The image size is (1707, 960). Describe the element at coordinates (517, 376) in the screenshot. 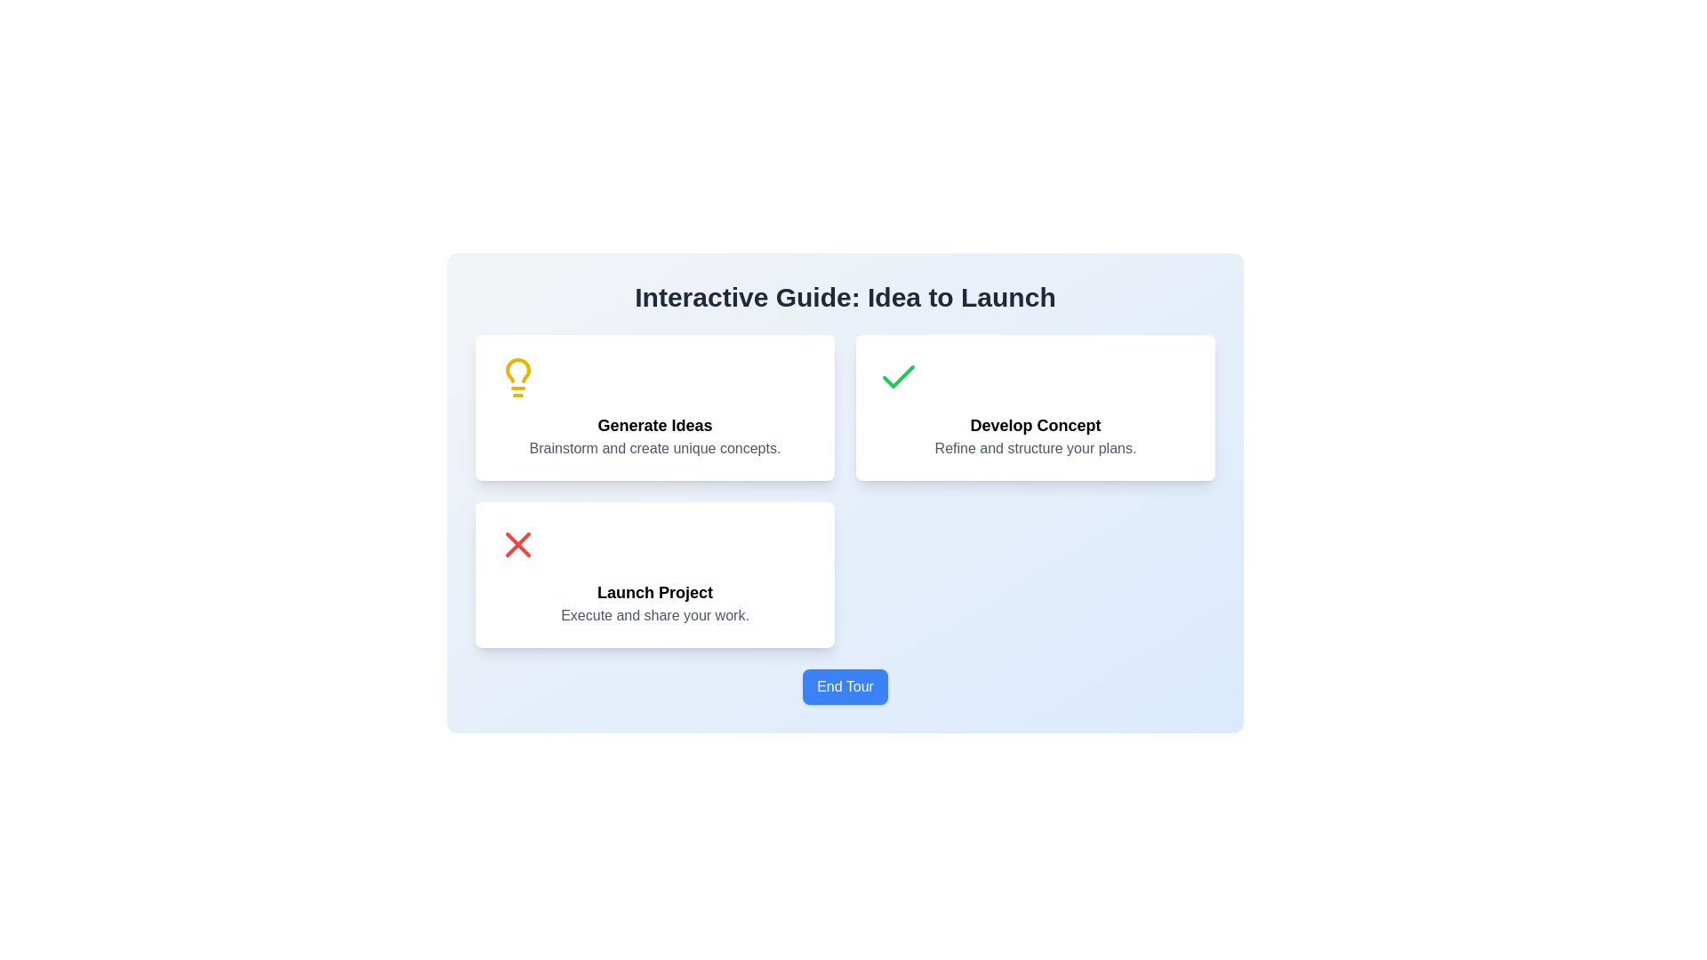

I see `the yellow lightbulb icon located above the heading 'Generate Ideas' in the card labeled 'Generate Ideas'` at that location.